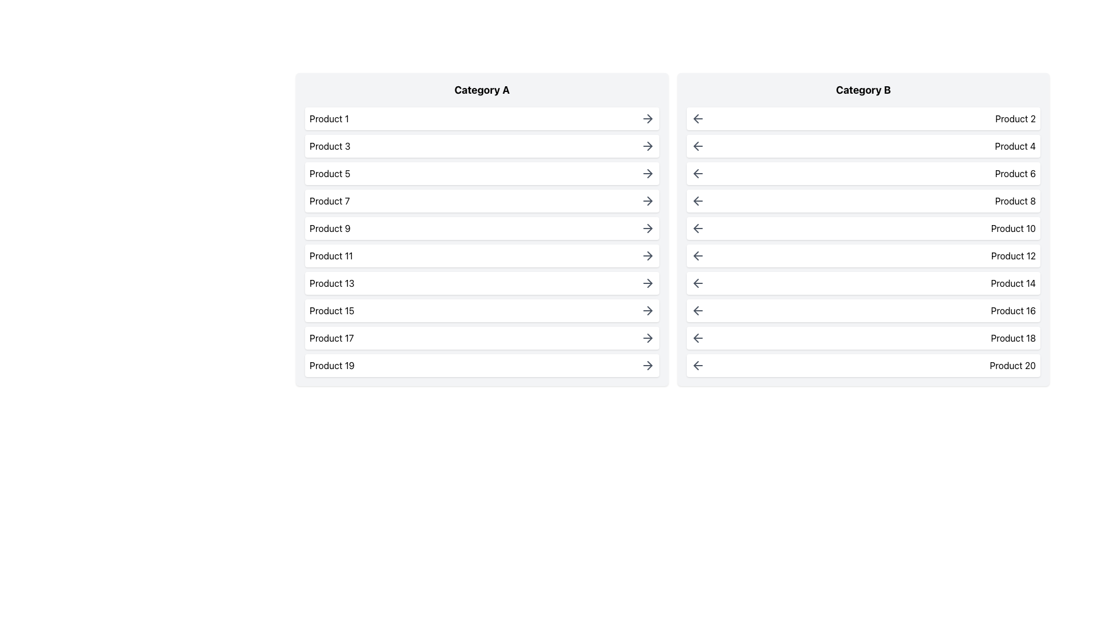  What do you see at coordinates (329, 229) in the screenshot?
I see `the text label that identifies a product in the first position of the fifth row within the 'Category A' panel` at bounding box center [329, 229].